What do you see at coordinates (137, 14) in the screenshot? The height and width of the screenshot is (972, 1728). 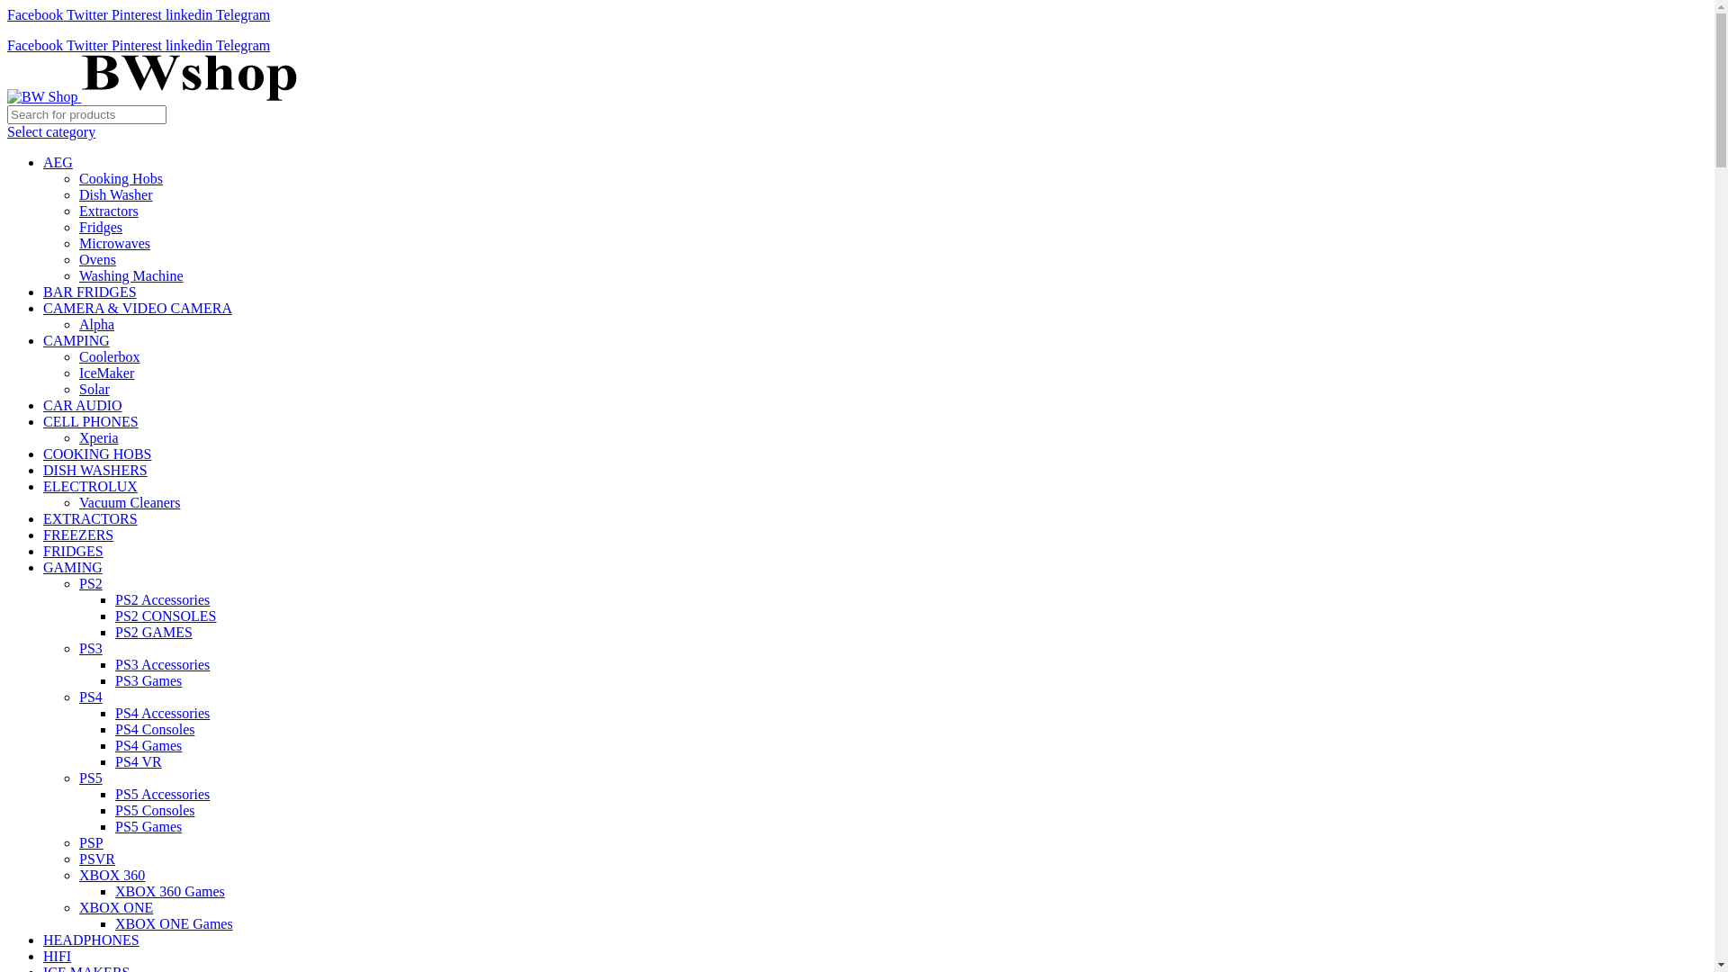 I see `'Pinterest'` at bounding box center [137, 14].